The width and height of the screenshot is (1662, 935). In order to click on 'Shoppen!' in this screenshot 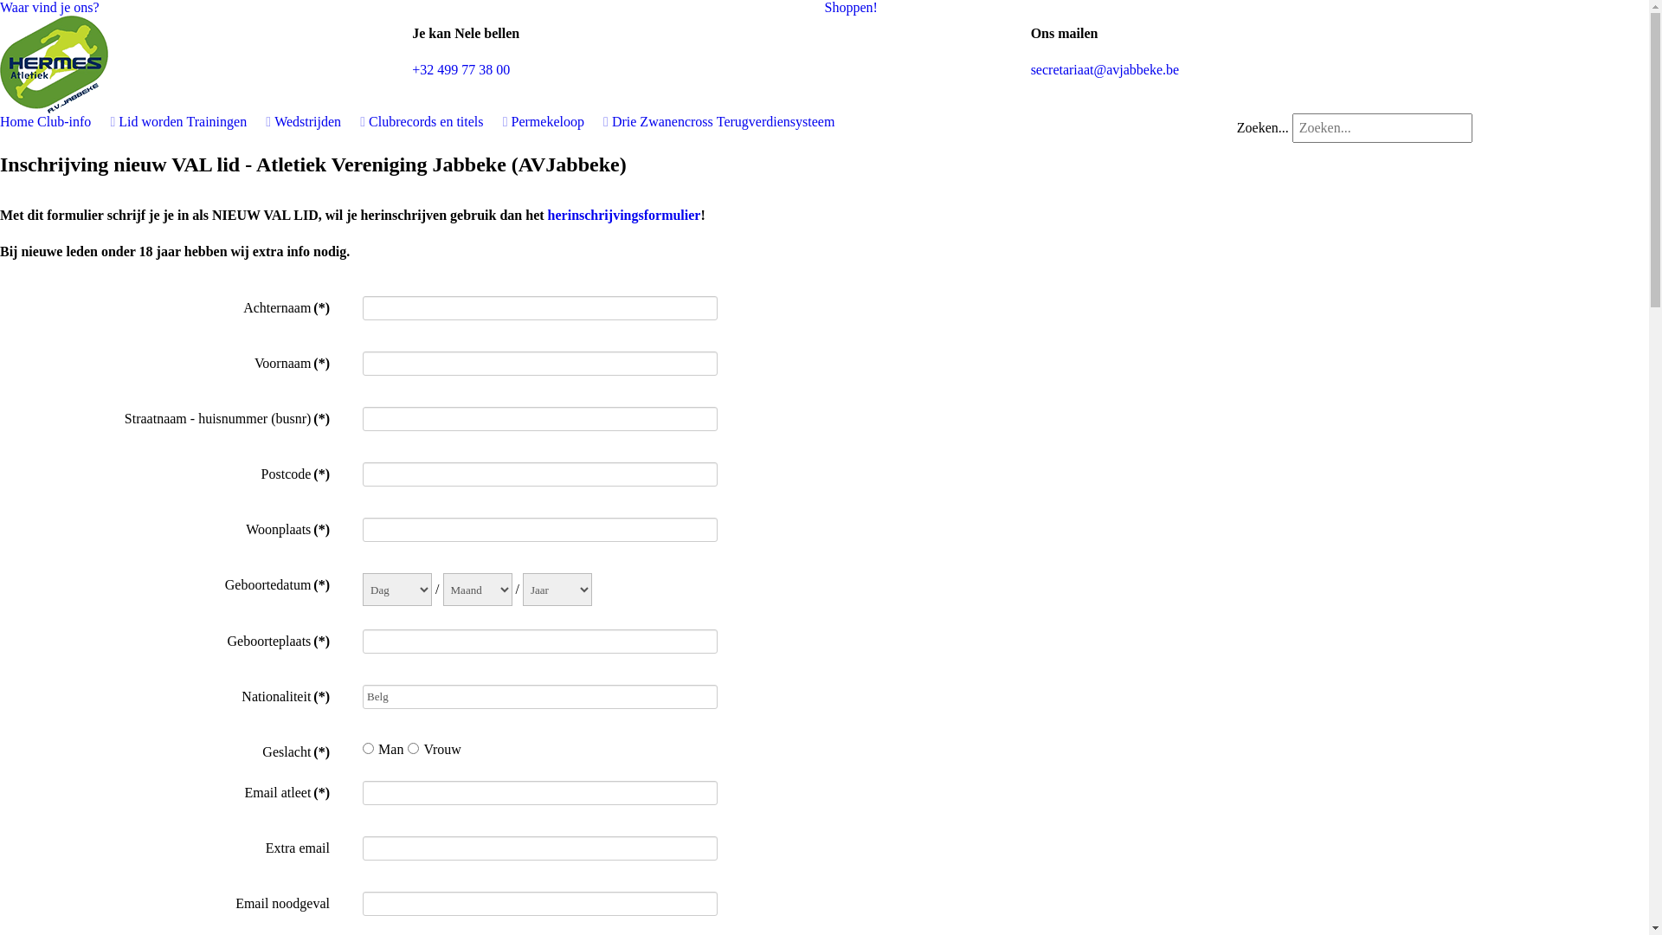, I will do `click(850, 7)`.